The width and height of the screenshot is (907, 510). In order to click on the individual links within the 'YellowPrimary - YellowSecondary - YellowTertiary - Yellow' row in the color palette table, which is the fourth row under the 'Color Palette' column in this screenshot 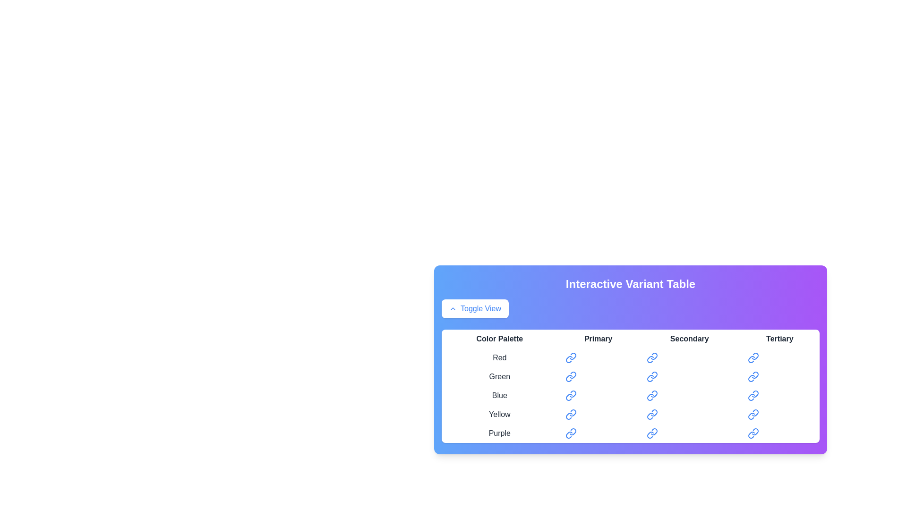, I will do `click(630, 414)`.